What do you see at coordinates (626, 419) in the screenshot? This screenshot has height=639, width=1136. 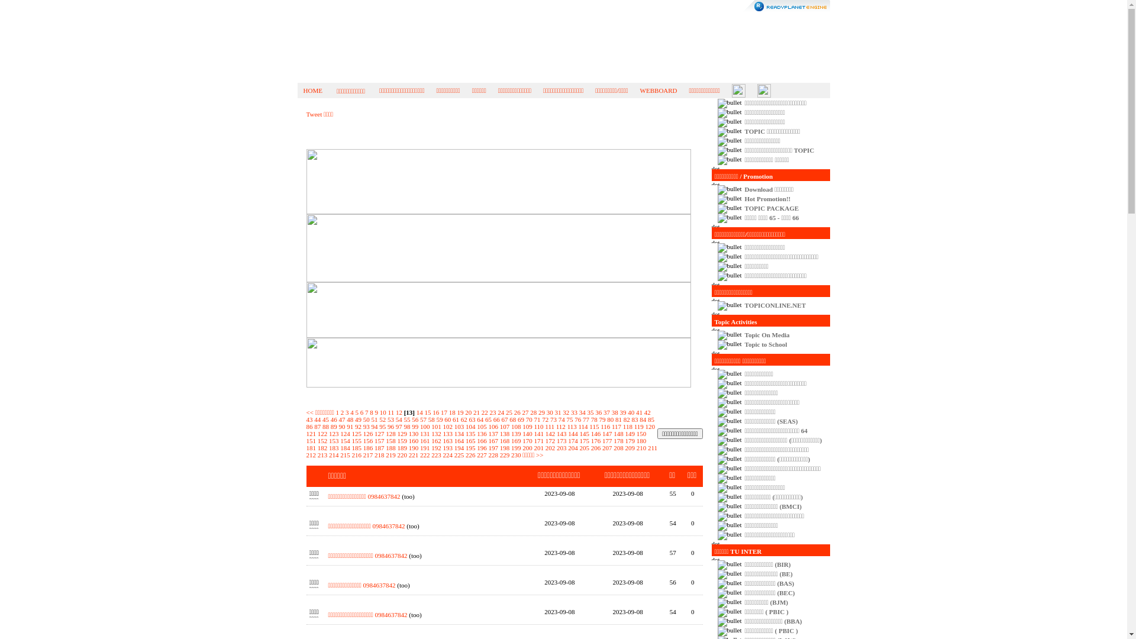 I see `'82'` at bounding box center [626, 419].